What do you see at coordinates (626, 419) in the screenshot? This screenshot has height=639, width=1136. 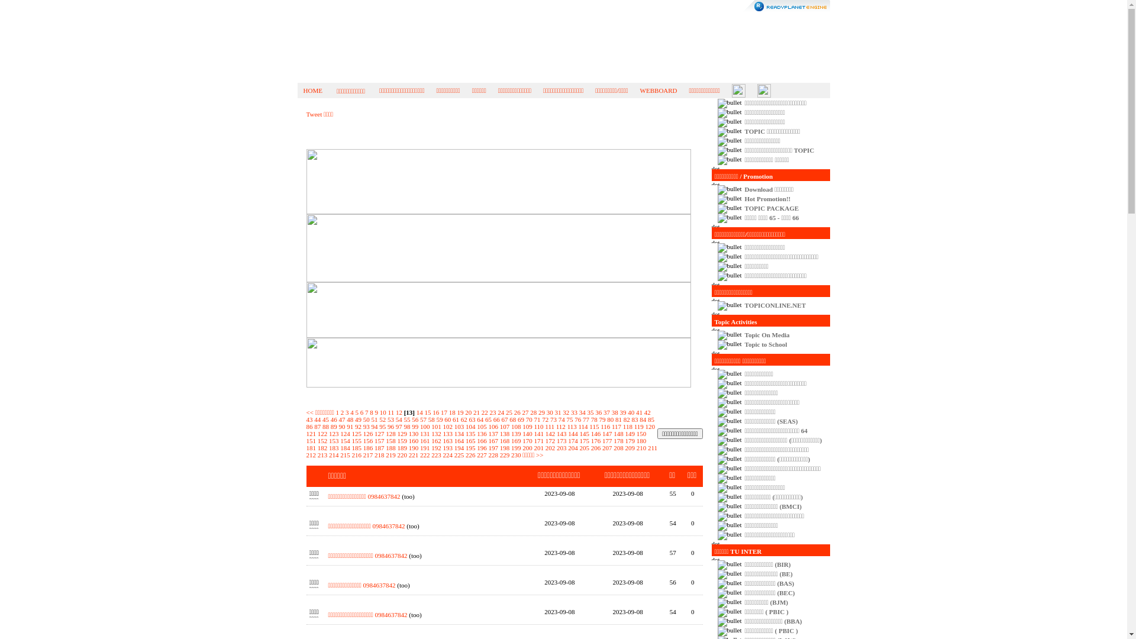 I see `'82'` at bounding box center [626, 419].